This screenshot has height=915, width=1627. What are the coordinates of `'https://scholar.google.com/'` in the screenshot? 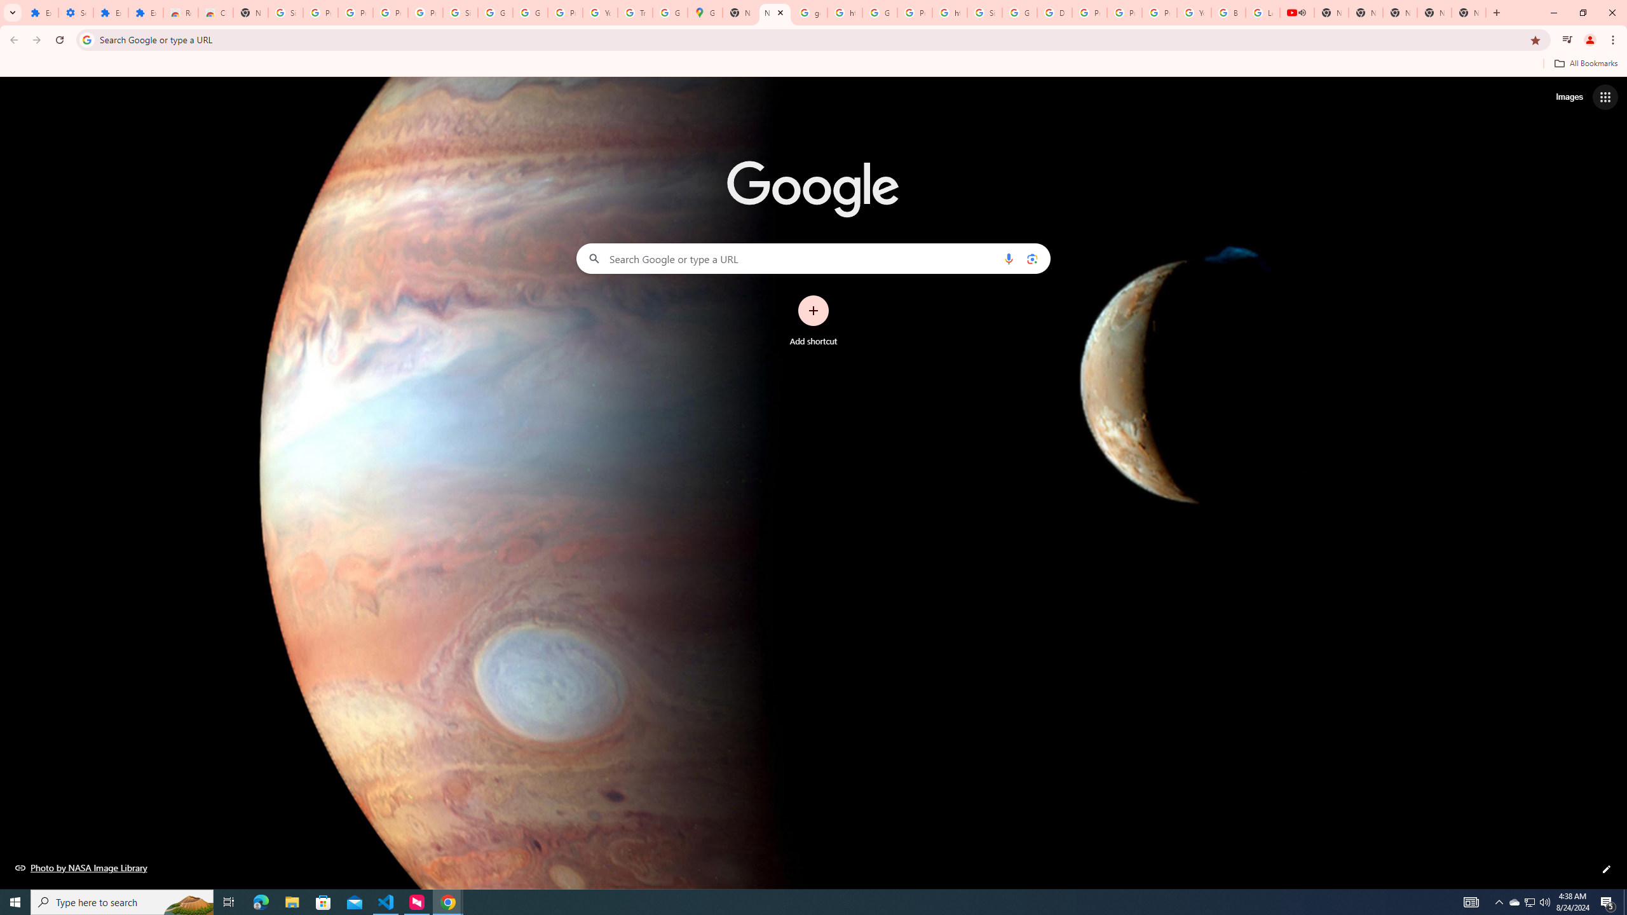 It's located at (844, 12).